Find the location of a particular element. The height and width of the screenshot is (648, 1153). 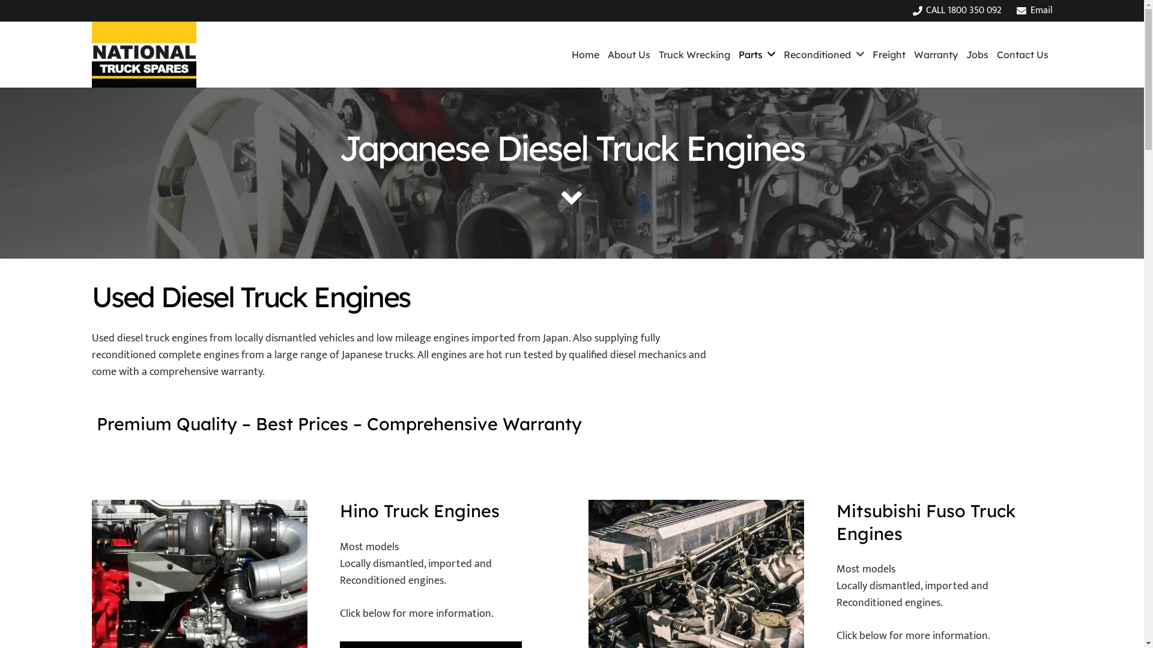

'Contact Us' is located at coordinates (1021, 55).